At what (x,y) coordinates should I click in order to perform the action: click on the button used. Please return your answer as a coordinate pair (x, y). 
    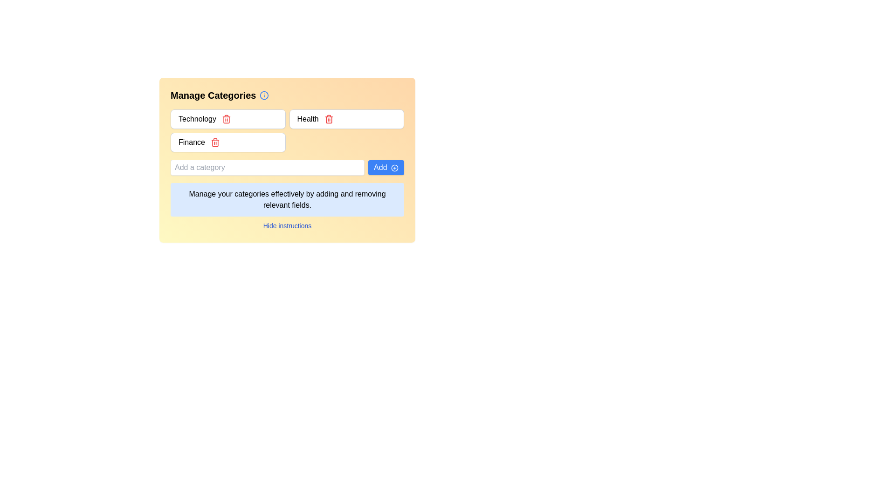
    Looking at the image, I should click on (386, 167).